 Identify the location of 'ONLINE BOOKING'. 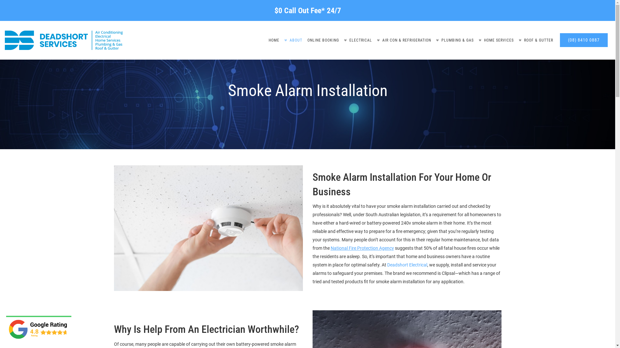
(323, 40).